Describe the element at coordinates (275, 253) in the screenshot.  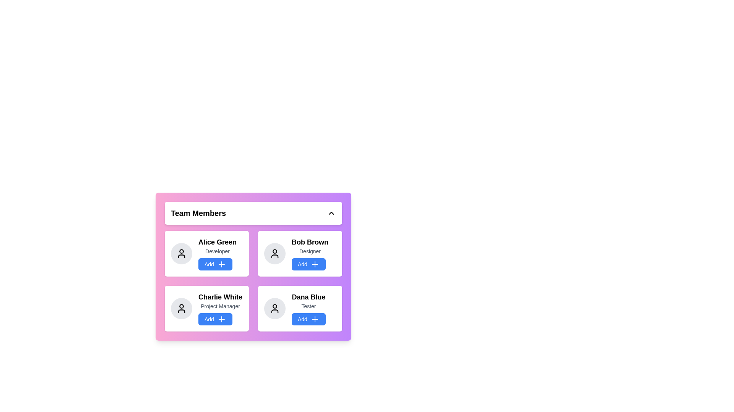
I see `the user avatar display, which is a circular icon with a light gray background and a black user silhouette, located in the top-left corner of Bob Brown's card` at that location.